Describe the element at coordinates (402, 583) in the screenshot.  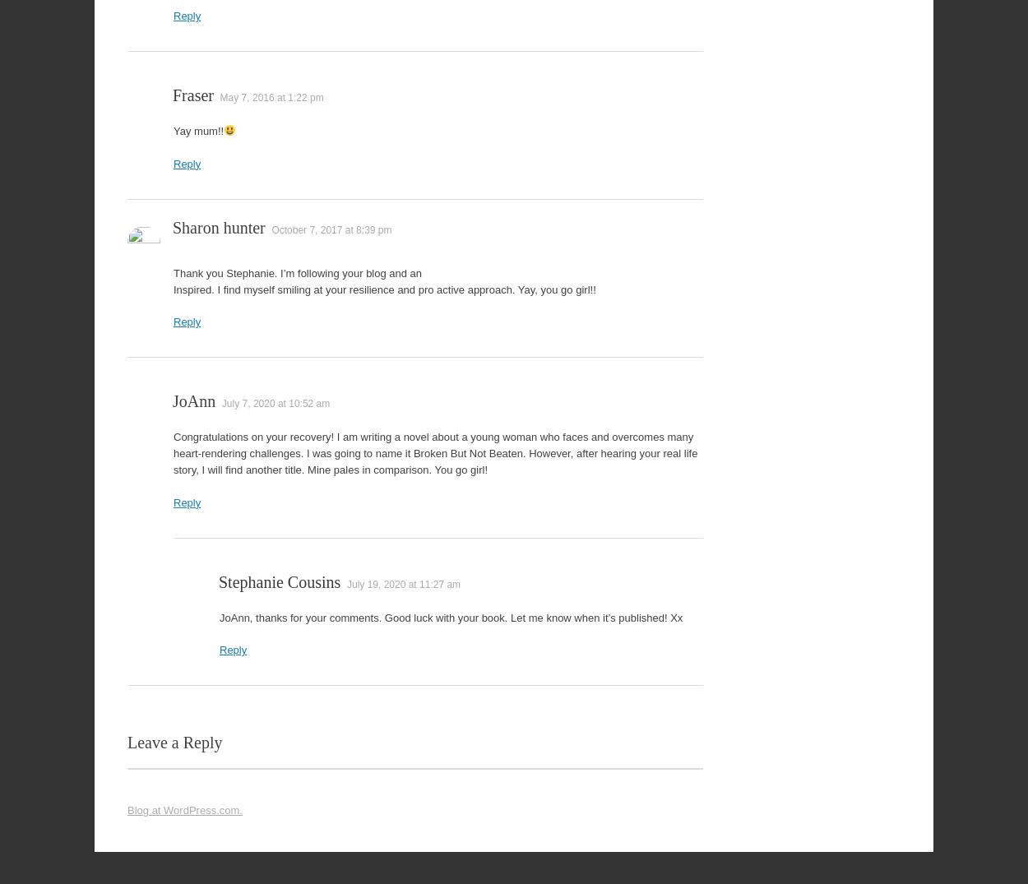
I see `'July 19, 2020 at 11:27 am'` at that location.